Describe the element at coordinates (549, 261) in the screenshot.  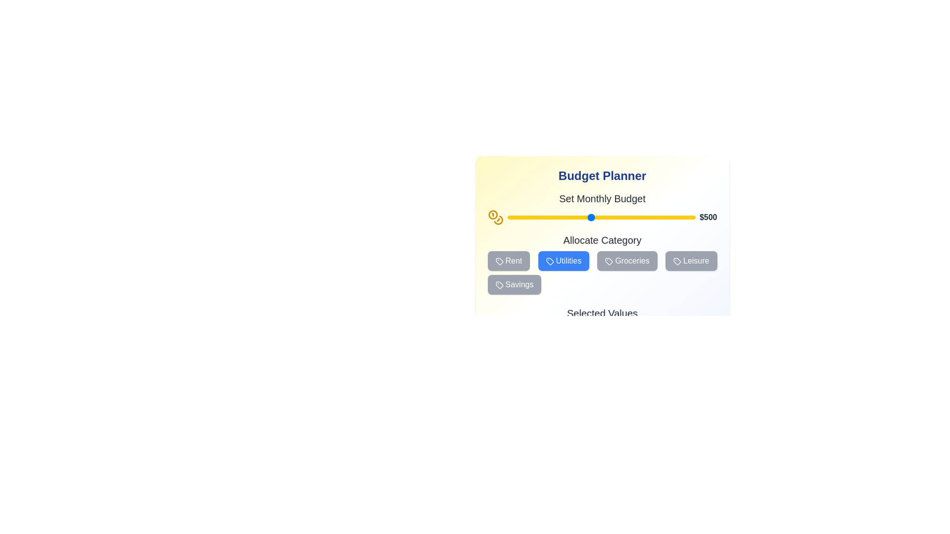
I see `the blue tag icon located to the left of the text 'Utilities' in the 'Allocate Category' section` at that location.